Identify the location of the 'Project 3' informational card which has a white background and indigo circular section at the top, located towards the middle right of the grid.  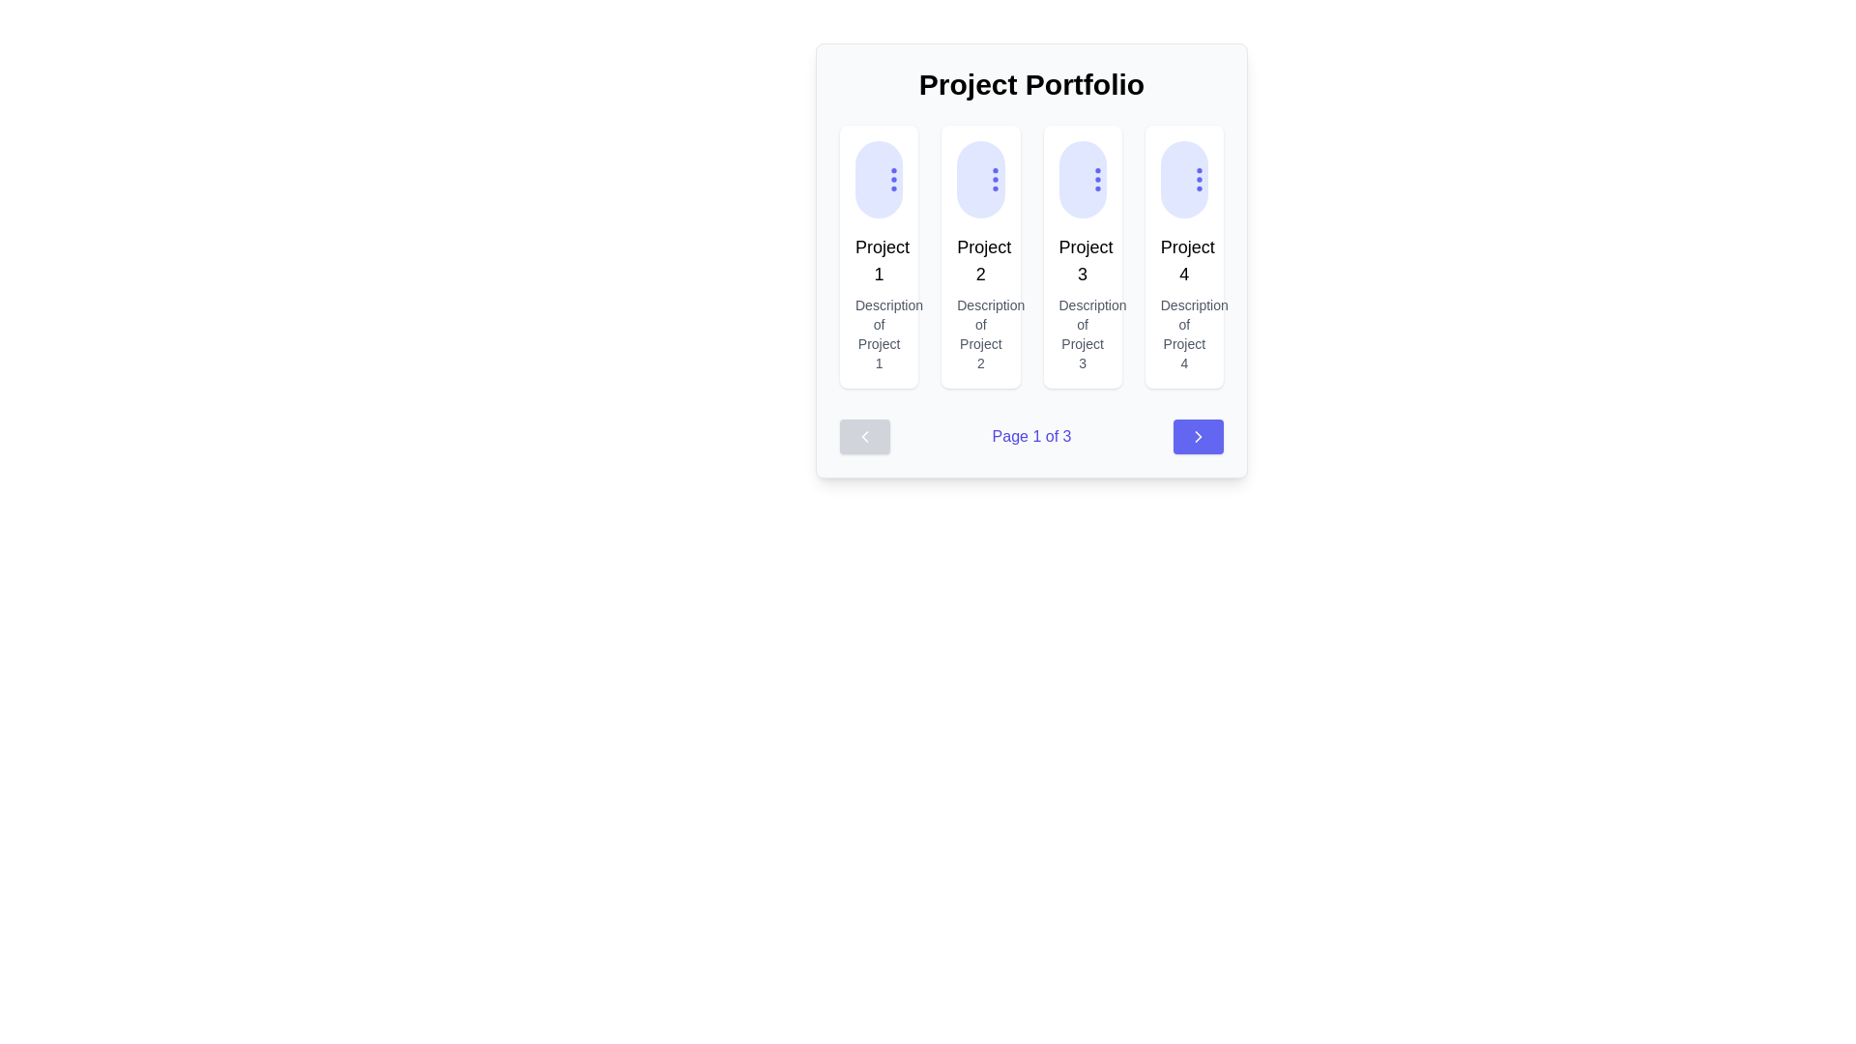
(1083, 256).